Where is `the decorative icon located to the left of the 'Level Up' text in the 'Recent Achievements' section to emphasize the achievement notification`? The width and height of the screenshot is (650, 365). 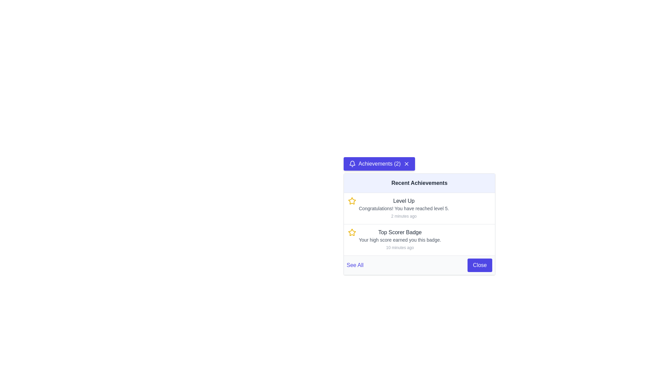 the decorative icon located to the left of the 'Level Up' text in the 'Recent Achievements' section to emphasize the achievement notification is located at coordinates (352, 232).